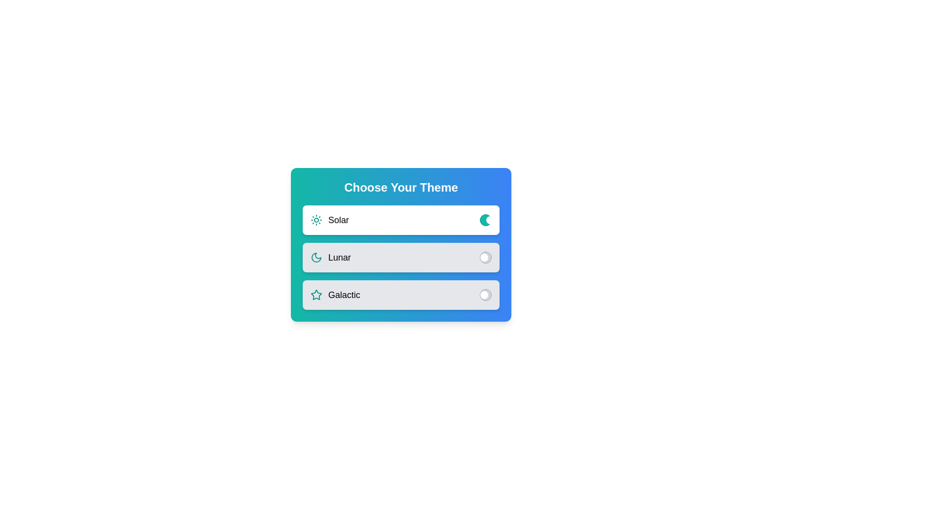 The height and width of the screenshot is (532, 945). I want to click on the toggle button for the Galactic theme, so click(486, 294).